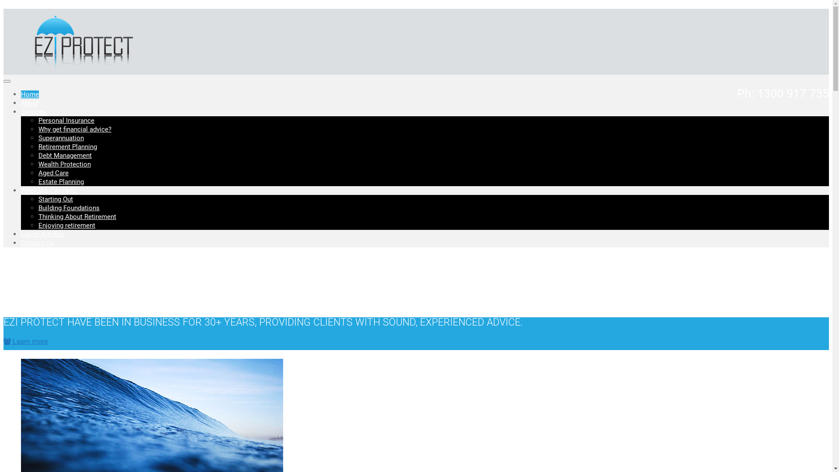  What do you see at coordinates (21, 190) in the screenshot?
I see `'When We Can Help'` at bounding box center [21, 190].